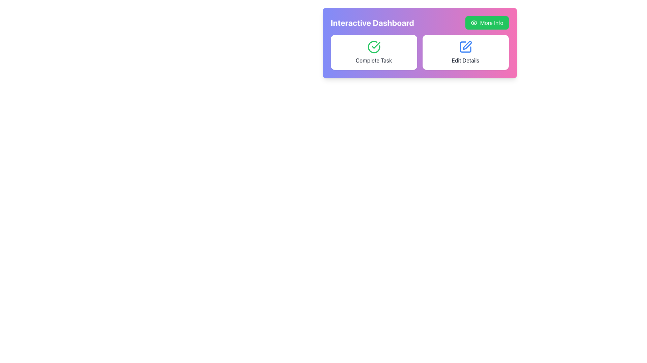 The width and height of the screenshot is (647, 363). Describe the element at coordinates (373, 46) in the screenshot. I see `the completion status icon located` at that location.